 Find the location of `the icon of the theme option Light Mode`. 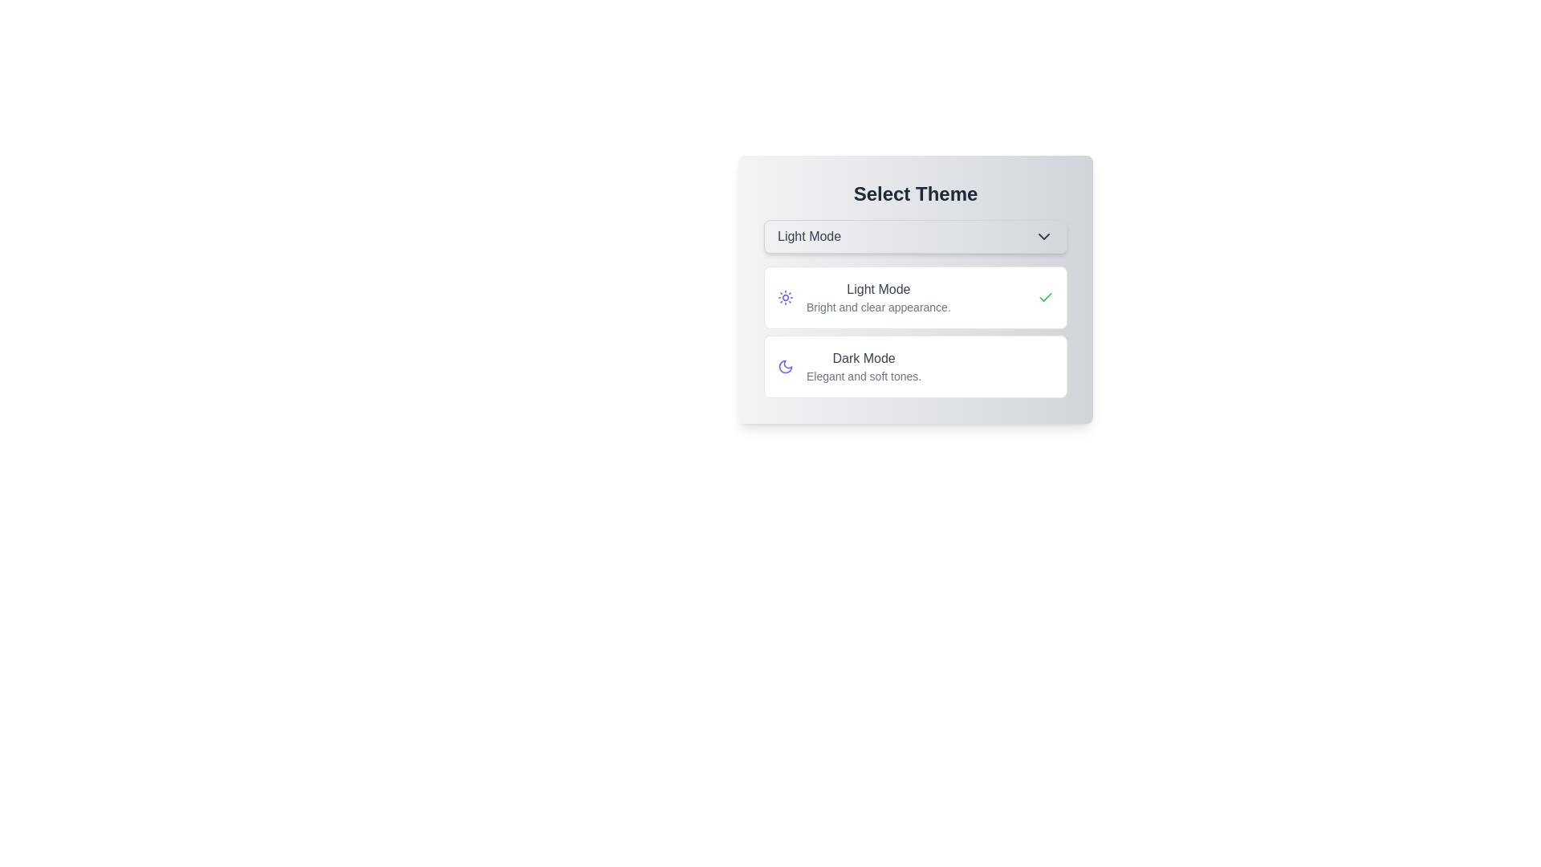

the icon of the theme option Light Mode is located at coordinates (786, 297).